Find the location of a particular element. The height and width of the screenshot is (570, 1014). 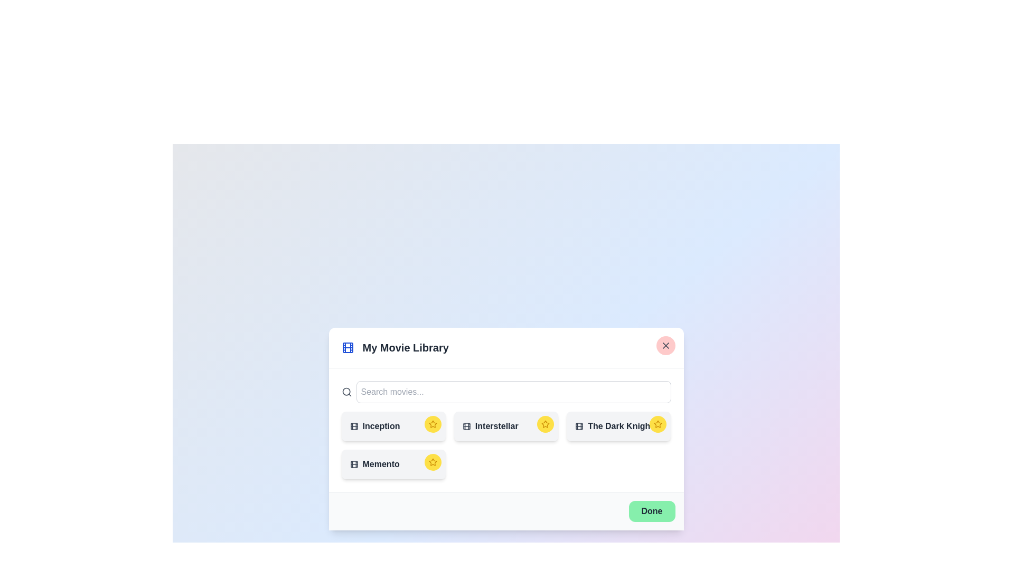

the 'Memento' text label with accompanying icon, which is the last item in a list of movie options in a modal window is located at coordinates (393, 463).